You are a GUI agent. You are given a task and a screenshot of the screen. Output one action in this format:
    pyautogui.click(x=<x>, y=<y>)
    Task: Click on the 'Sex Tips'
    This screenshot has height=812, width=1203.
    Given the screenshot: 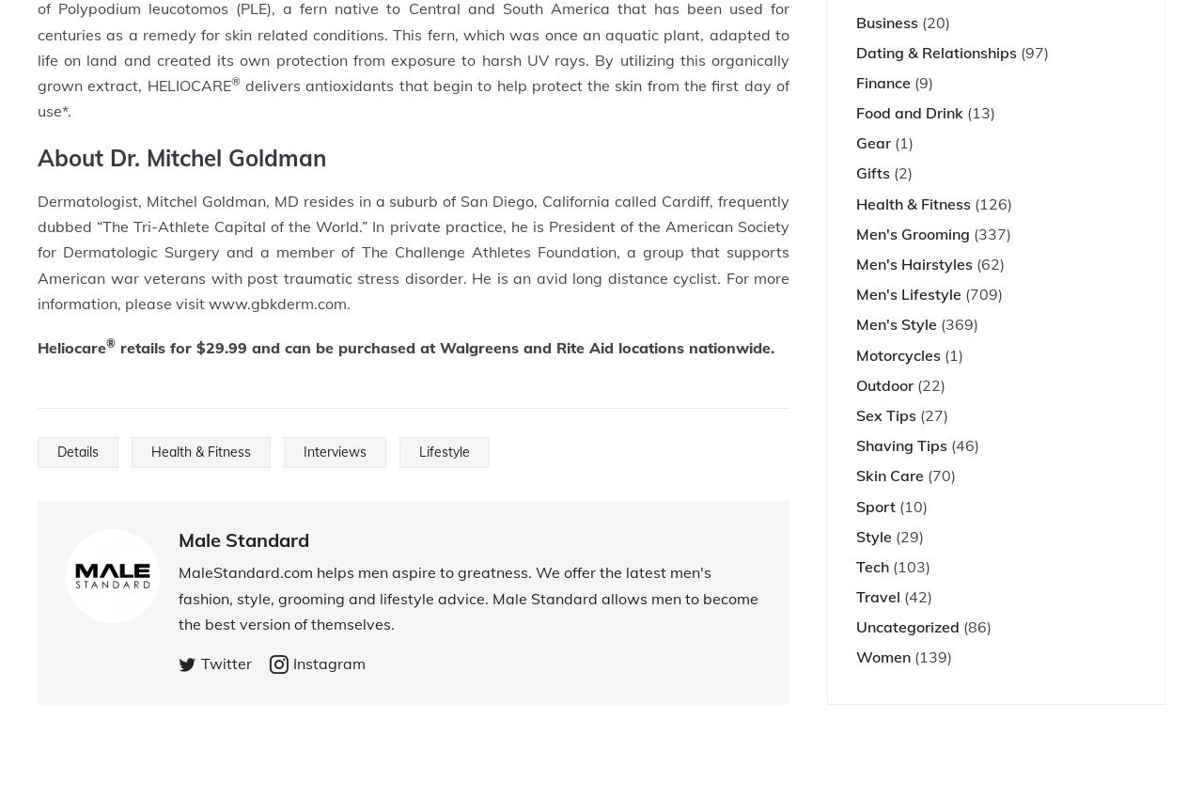 What is the action you would take?
    pyautogui.click(x=884, y=414)
    